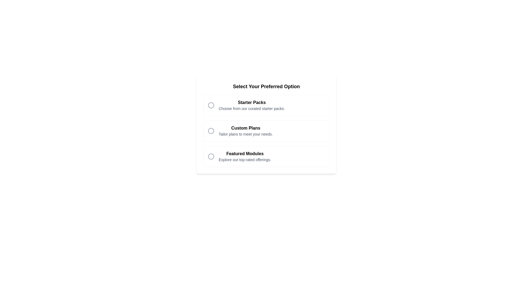 The height and width of the screenshot is (294, 523). I want to click on the radio button in the 'Custom Plans' selectable option, which is the second option under 'Select Your Preferred Option', so click(266, 125).